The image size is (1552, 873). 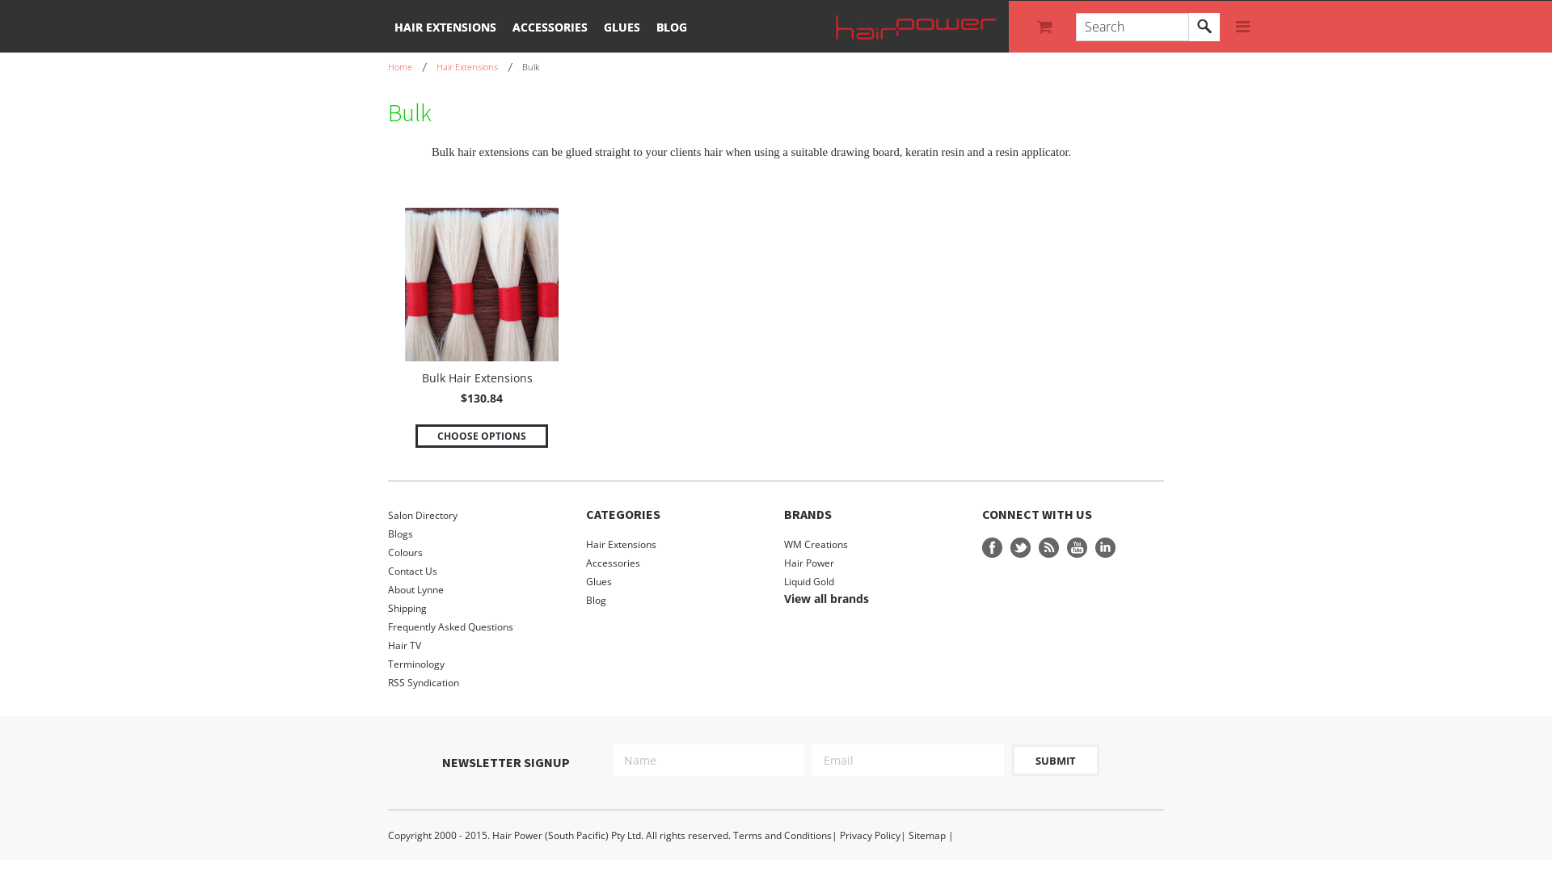 What do you see at coordinates (478, 682) in the screenshot?
I see `'RSS Syndication'` at bounding box center [478, 682].